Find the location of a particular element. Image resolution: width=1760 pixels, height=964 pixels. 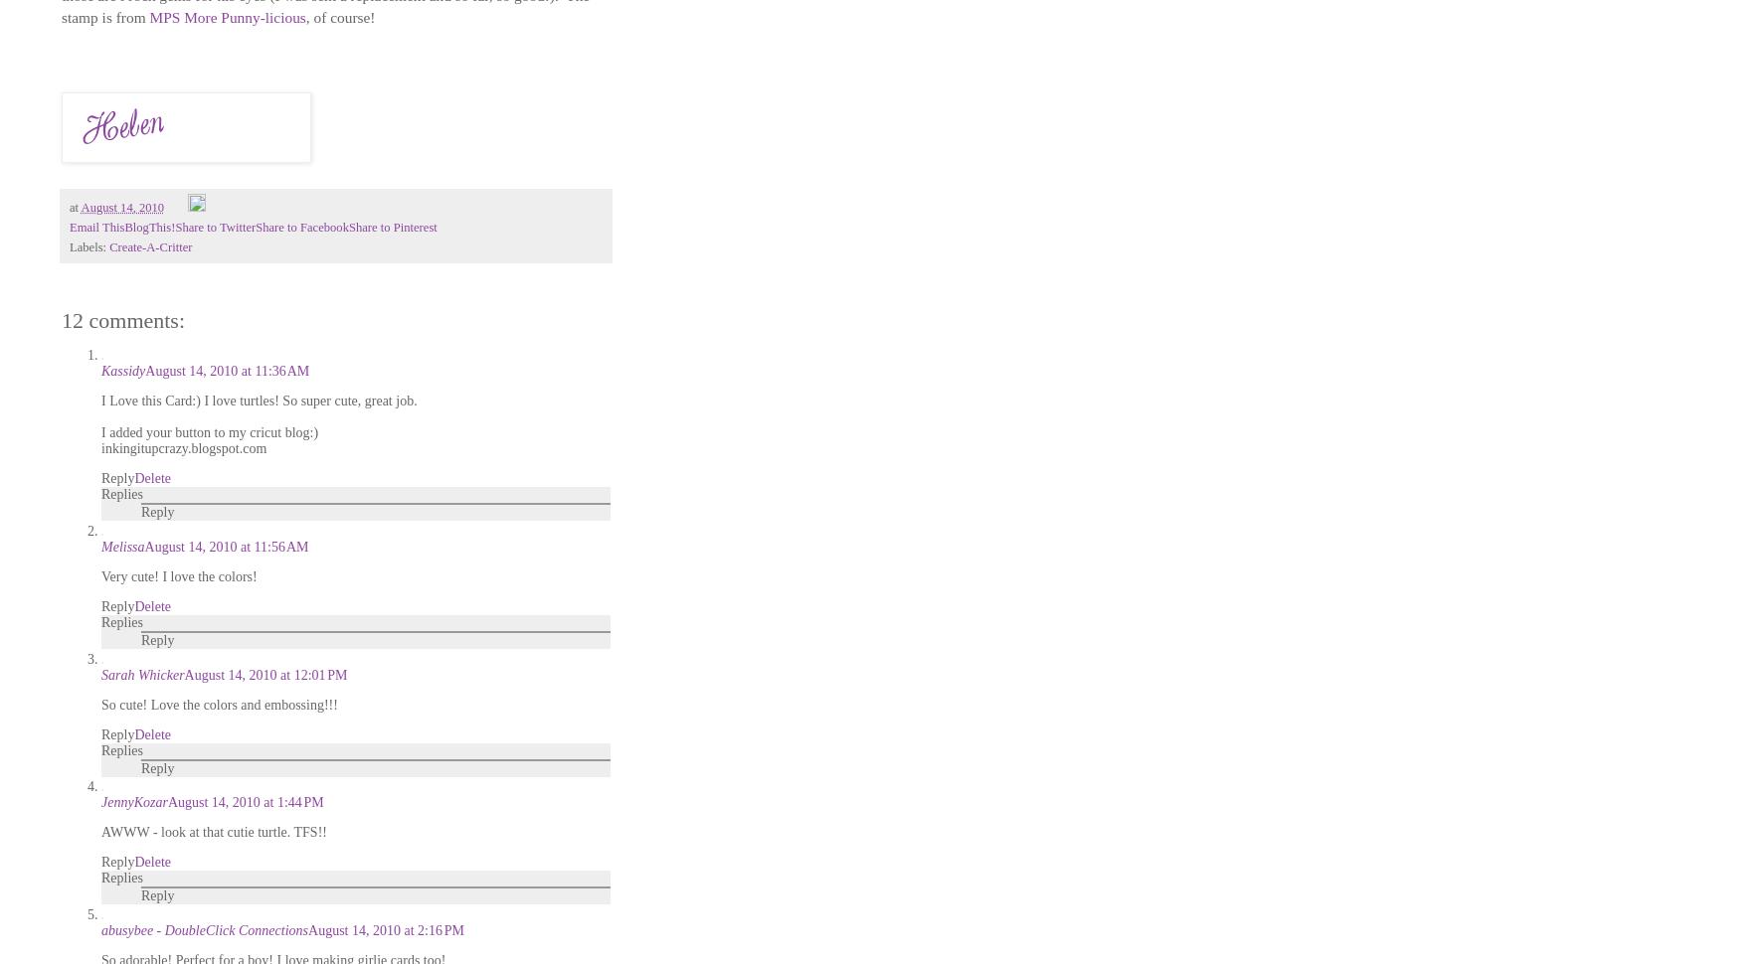

'August 14, 2010 at 1:44 PM' is located at coordinates (245, 802).